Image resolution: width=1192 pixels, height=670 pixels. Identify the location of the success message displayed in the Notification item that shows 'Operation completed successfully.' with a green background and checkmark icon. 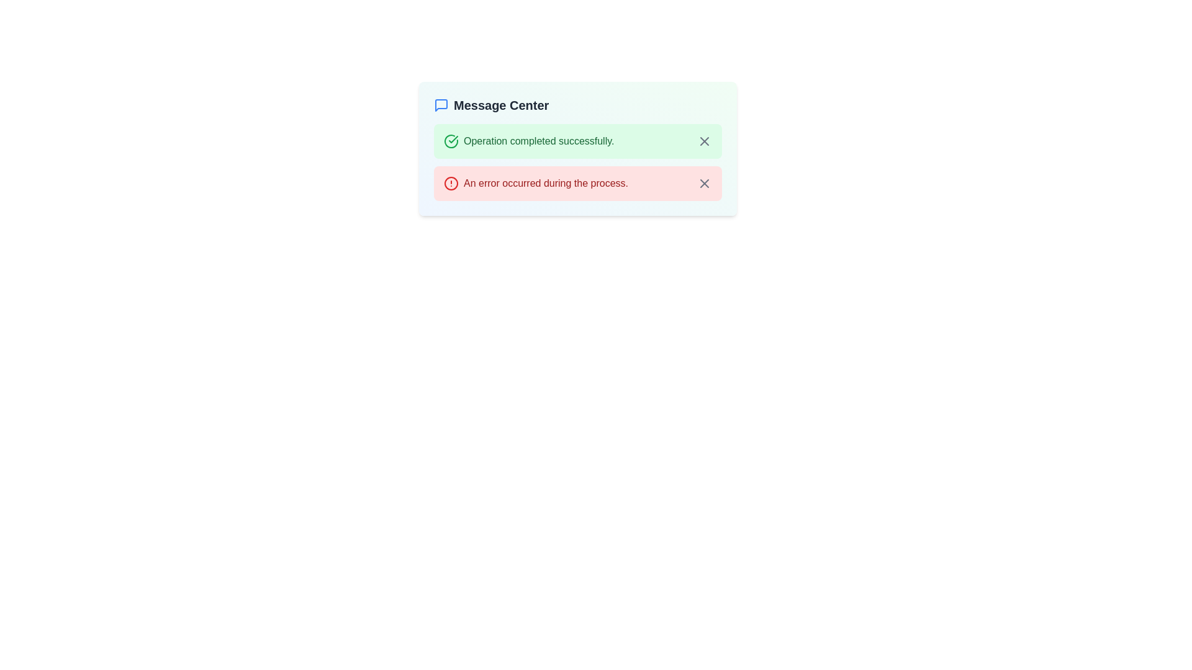
(528, 140).